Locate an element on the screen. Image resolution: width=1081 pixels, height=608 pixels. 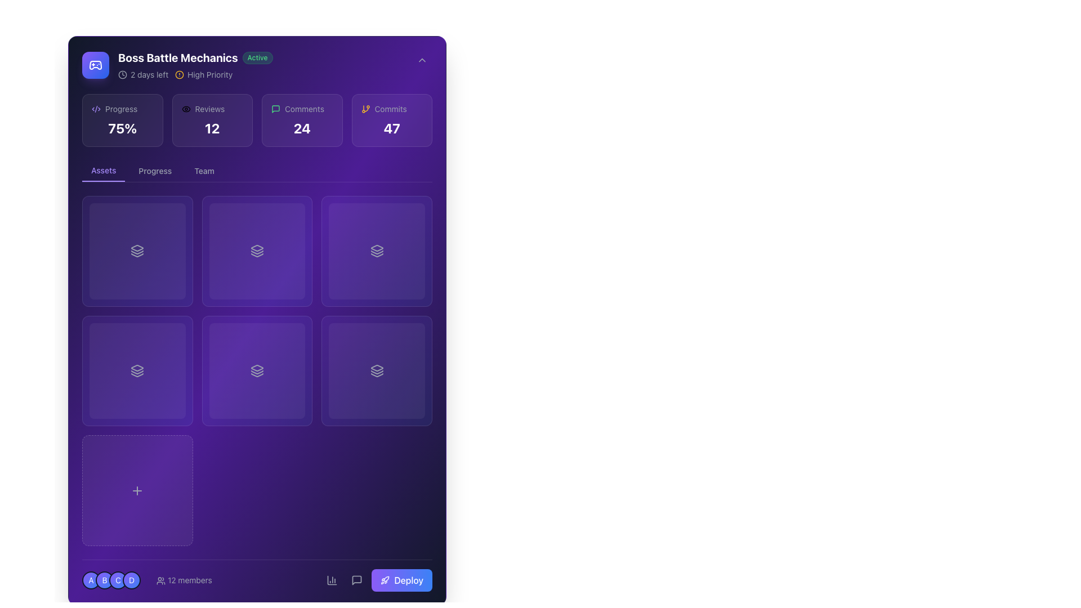
the icon representing layers or stacks located in the second card of the second row in the grid layout for information is located at coordinates (256, 252).